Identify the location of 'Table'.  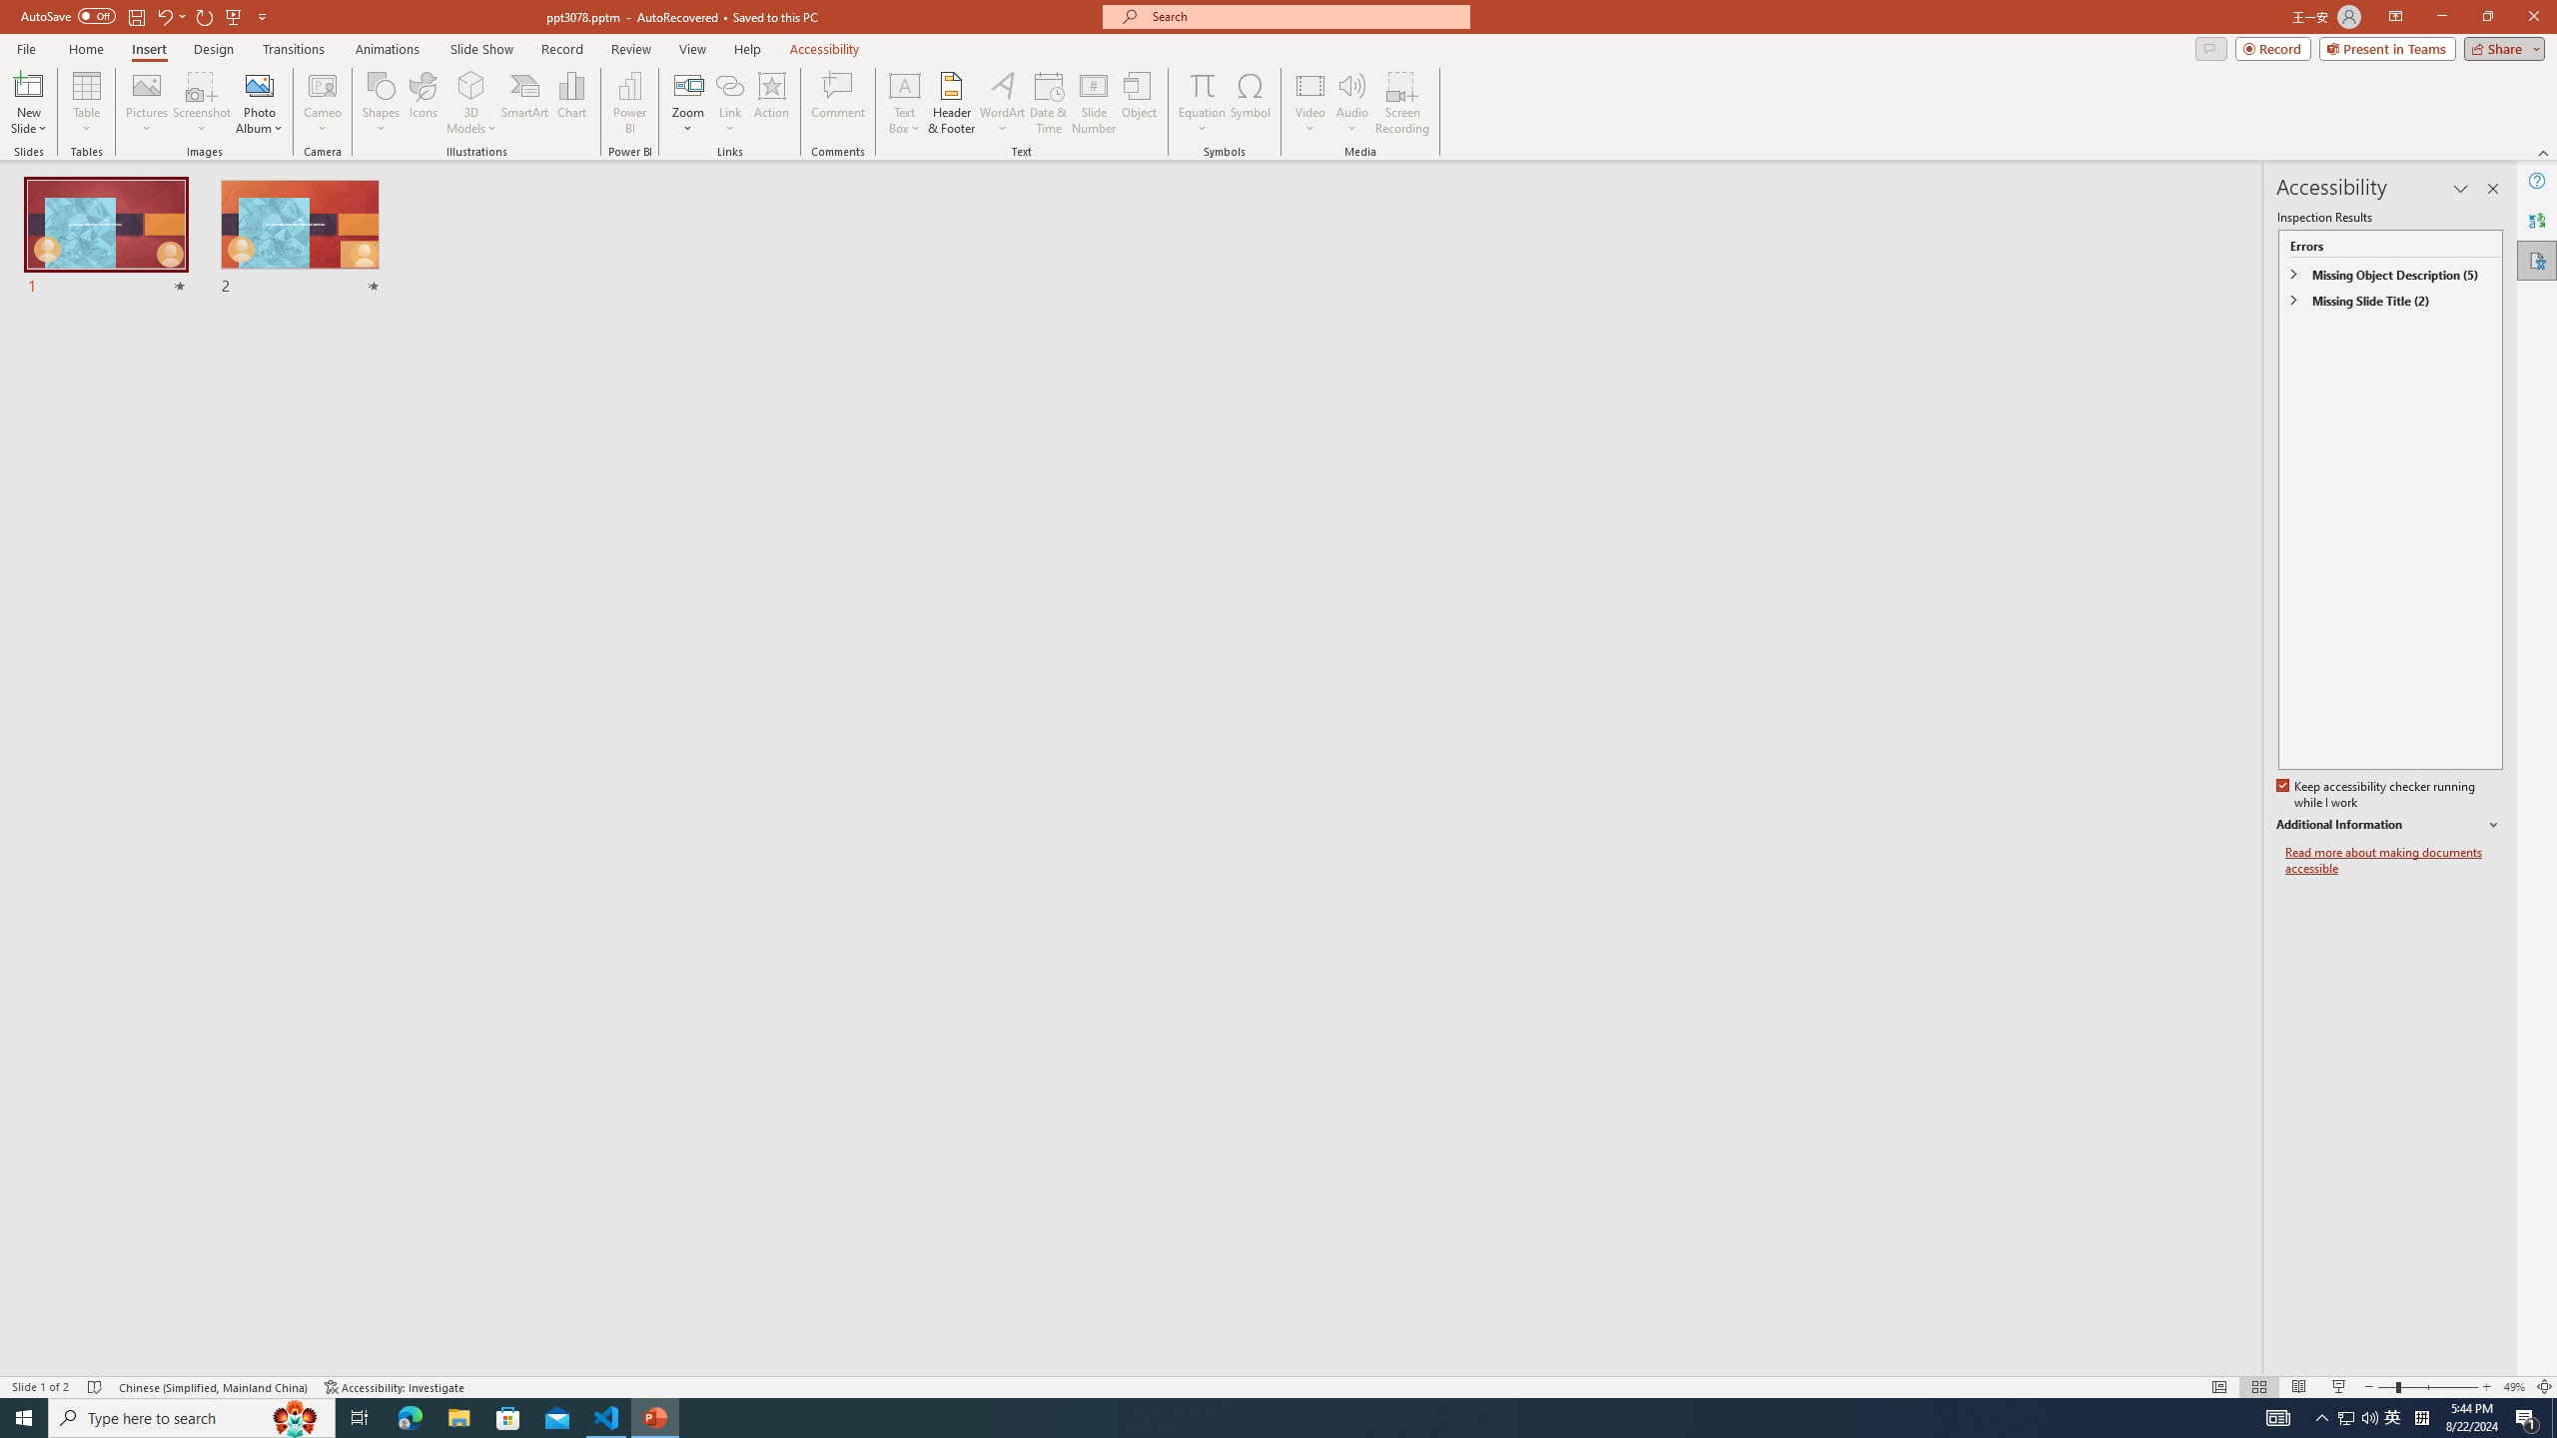
(86, 103).